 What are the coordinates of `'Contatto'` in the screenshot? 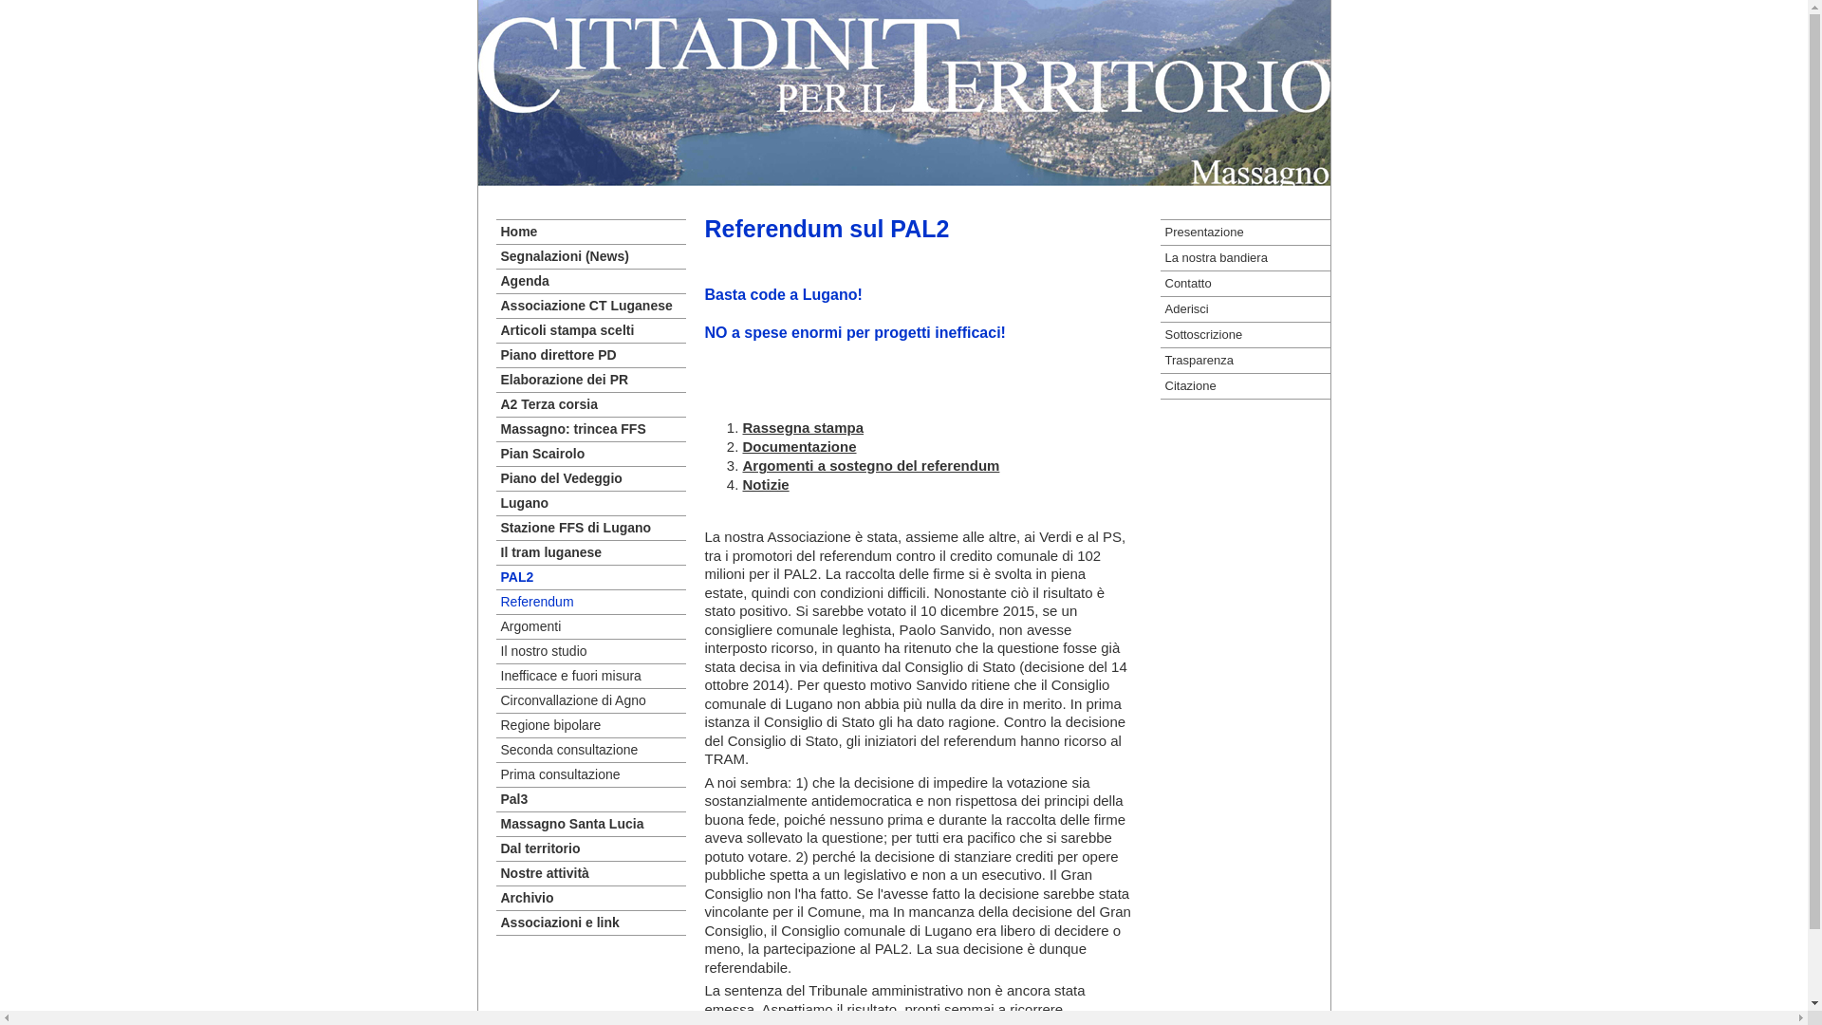 It's located at (1159, 284).